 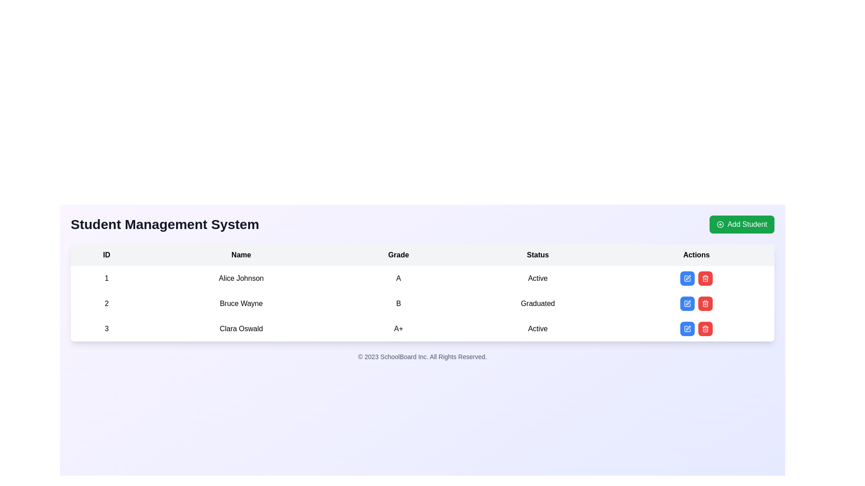 What do you see at coordinates (696, 278) in the screenshot?
I see `the composite UI element consisting of 'Edit' and 'Delete' buttons in the 'Actions' column for 'Alice Johnson'` at bounding box center [696, 278].